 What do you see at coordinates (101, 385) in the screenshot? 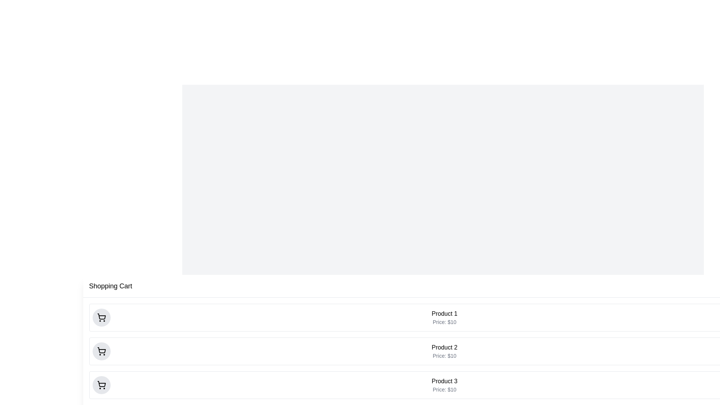
I see `the shopping cart icon, which is a minimalist SVG component with rounded edges and a dark outline, located at the center of the bottommost circular icon in a vertically stacked list of three items` at bounding box center [101, 385].